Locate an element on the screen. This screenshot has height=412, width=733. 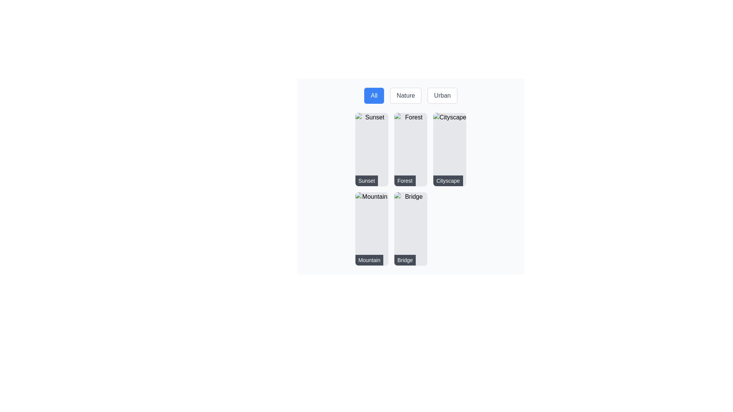
the vertical card labeled 'Forest' in the grid layout is located at coordinates (410, 176).